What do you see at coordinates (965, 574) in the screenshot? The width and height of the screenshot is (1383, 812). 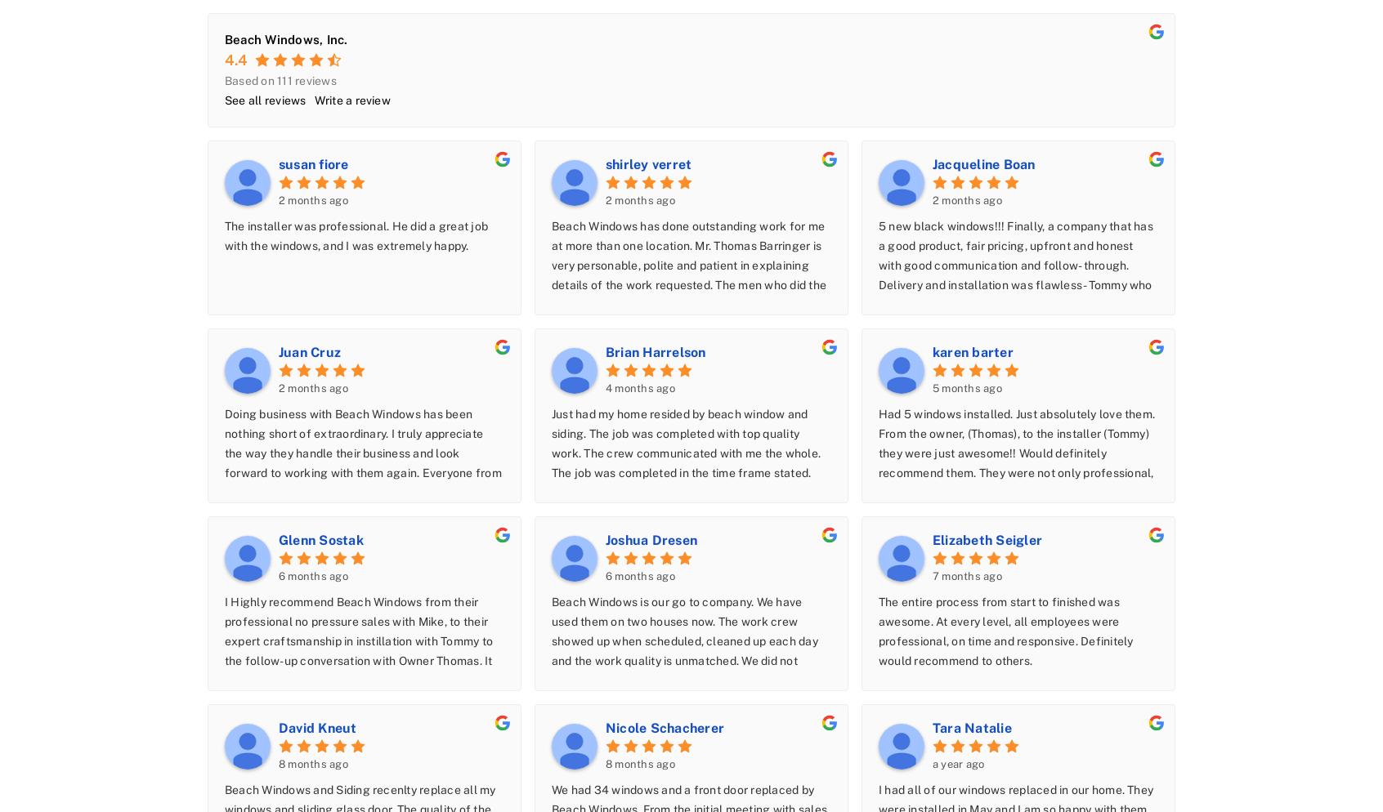 I see `'7 months ago'` at bounding box center [965, 574].